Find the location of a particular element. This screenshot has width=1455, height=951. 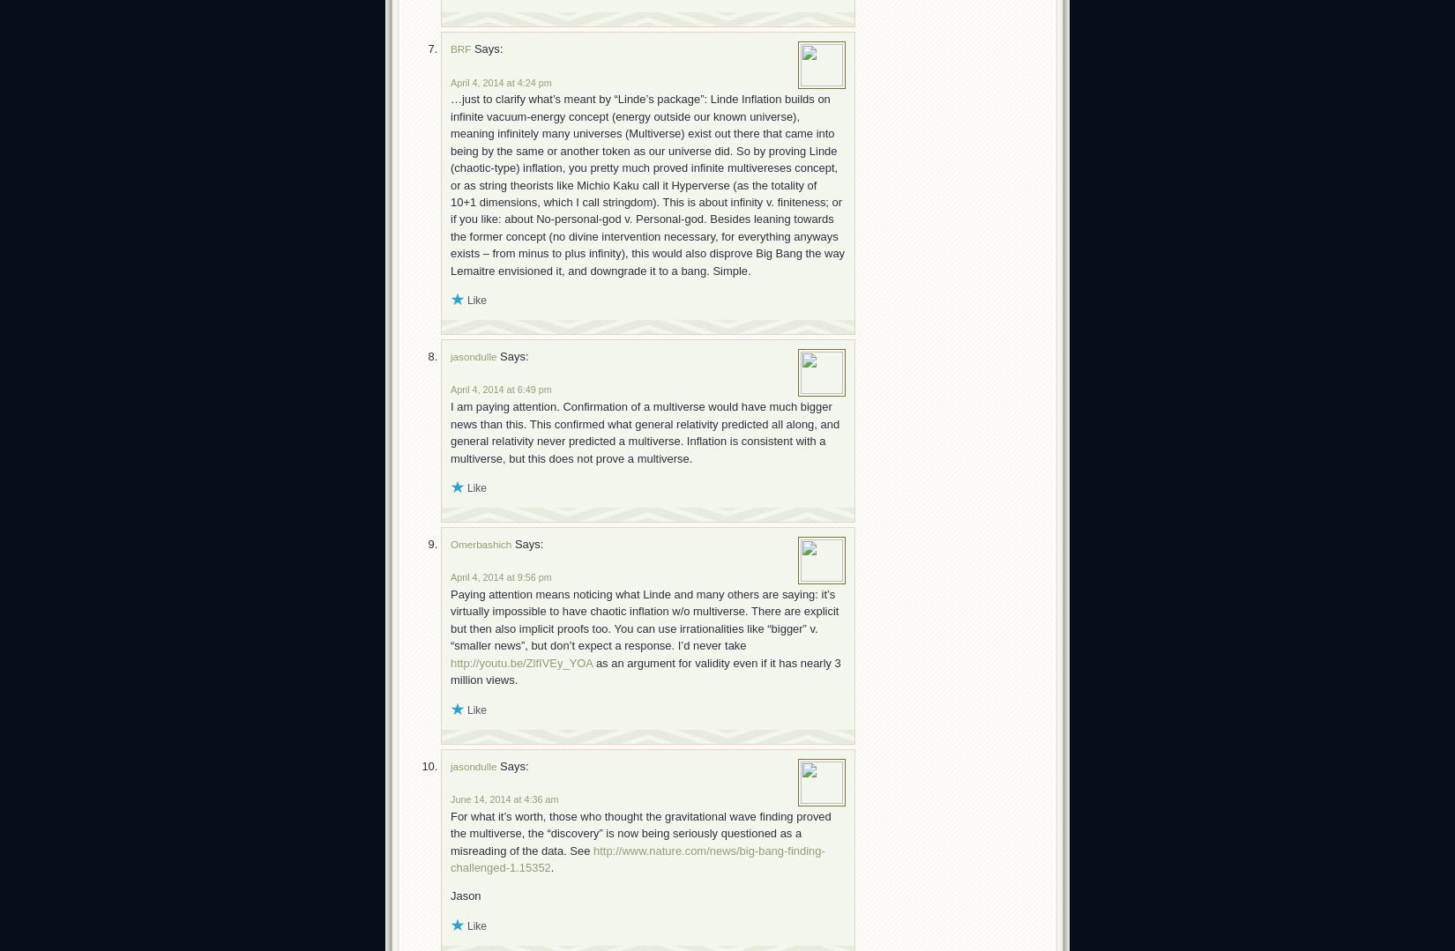

'http://www.nature.com/news/big-bang-finding-challenged-1.15352' is located at coordinates (637, 858).